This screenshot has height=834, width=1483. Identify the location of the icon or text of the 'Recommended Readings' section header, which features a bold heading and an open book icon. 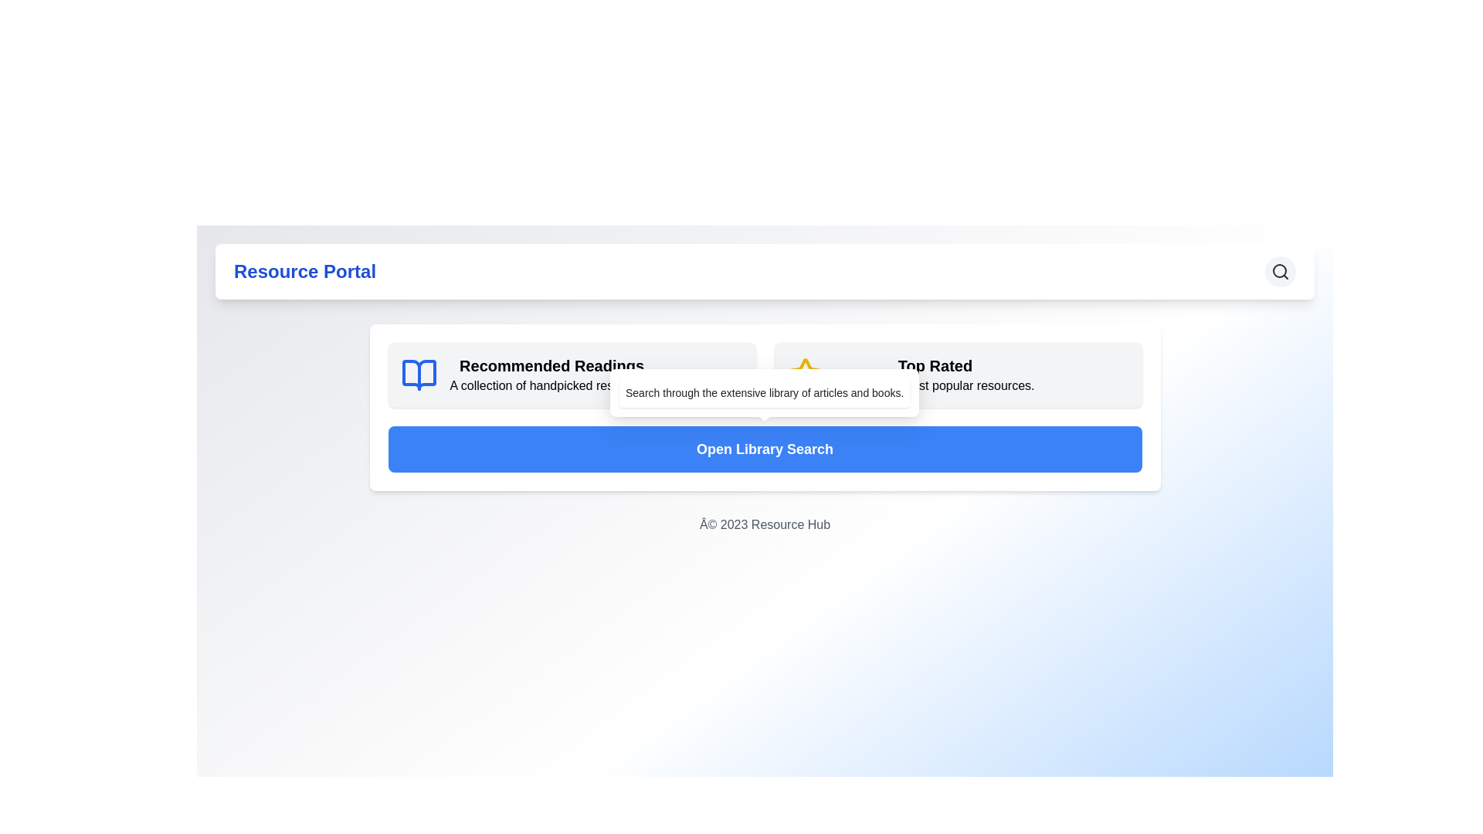
(571, 375).